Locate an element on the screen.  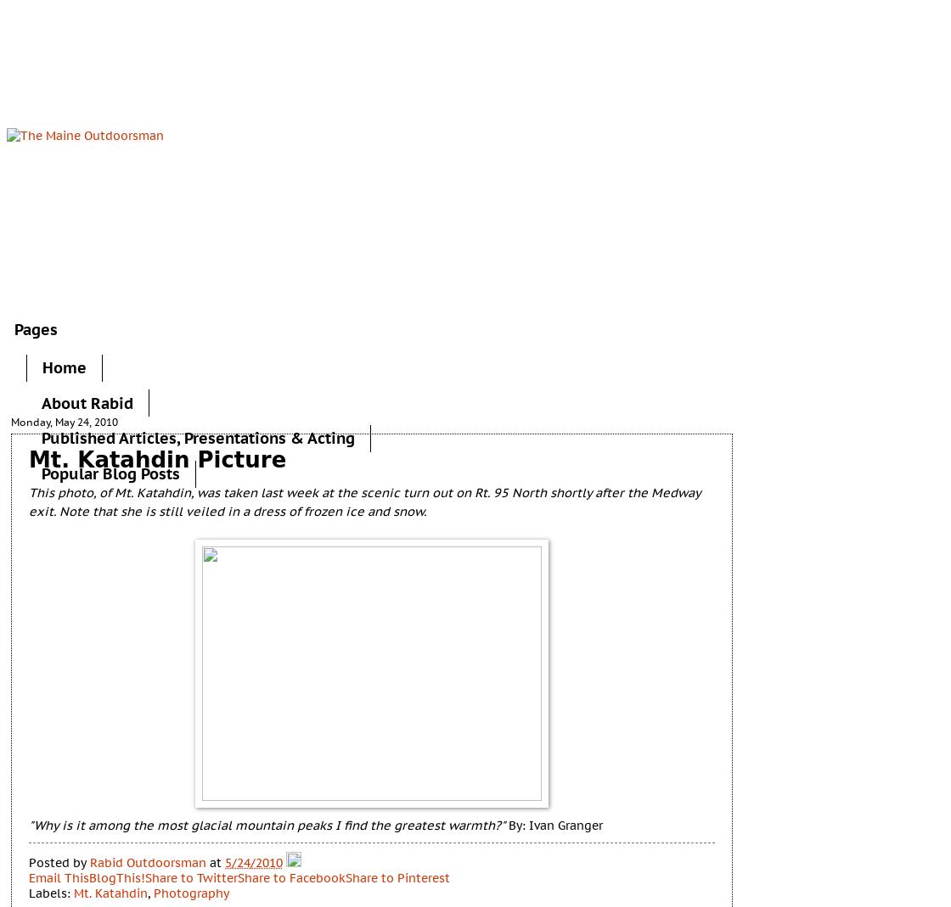
'Mt. Katahdin Picture' is located at coordinates (29, 459).